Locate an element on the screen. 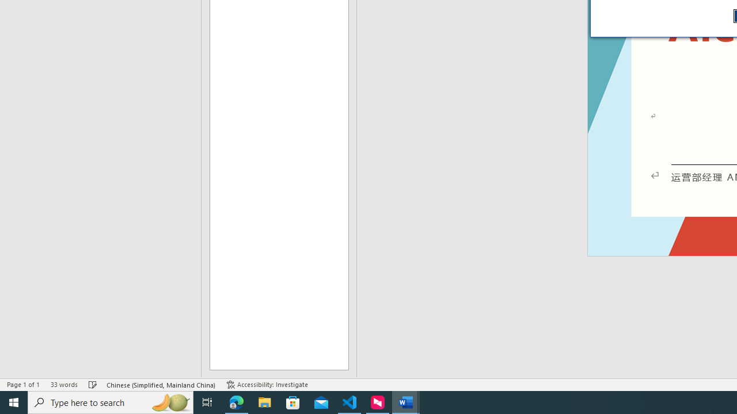 The width and height of the screenshot is (737, 414). 'Microsoft Edge - 1 running window' is located at coordinates (236, 401).